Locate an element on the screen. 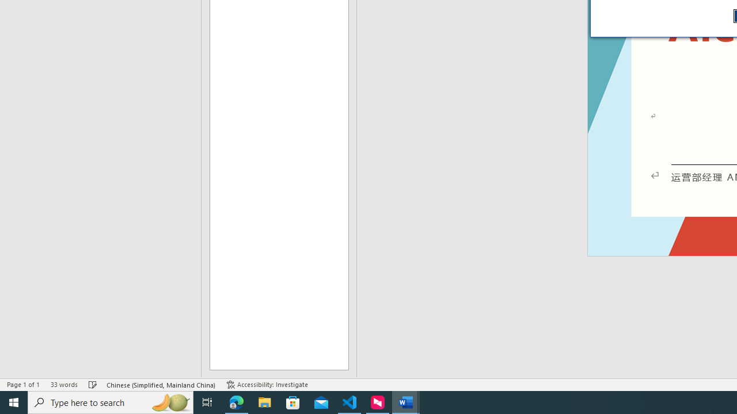 The width and height of the screenshot is (737, 414). 'Microsoft Edge - 1 running window' is located at coordinates (236, 401).